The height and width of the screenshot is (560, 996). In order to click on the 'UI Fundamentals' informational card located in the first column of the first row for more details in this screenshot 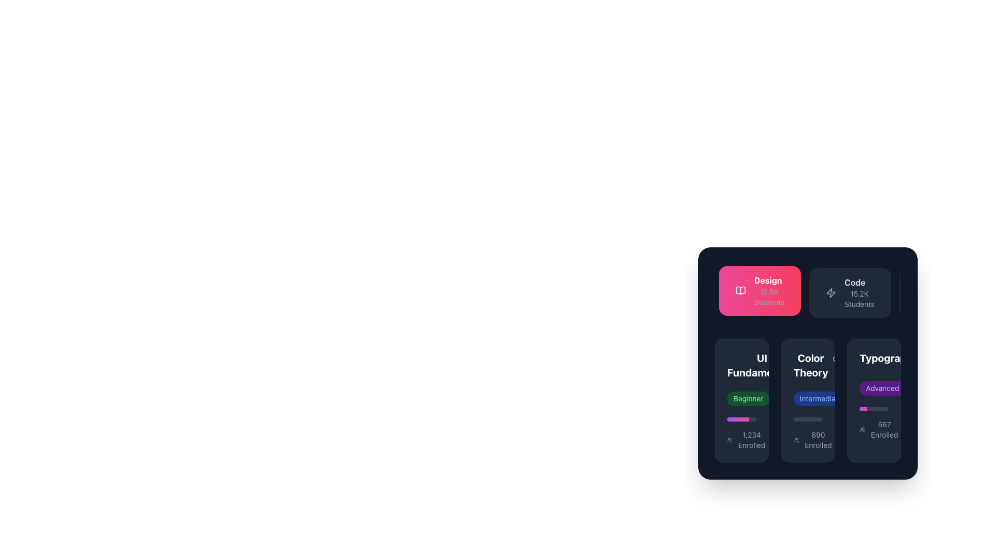, I will do `click(741, 400)`.